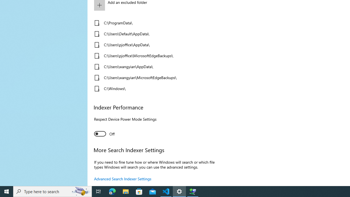 Image resolution: width=350 pixels, height=197 pixels. Describe the element at coordinates (139, 191) in the screenshot. I see `'Microsoft Store'` at that location.